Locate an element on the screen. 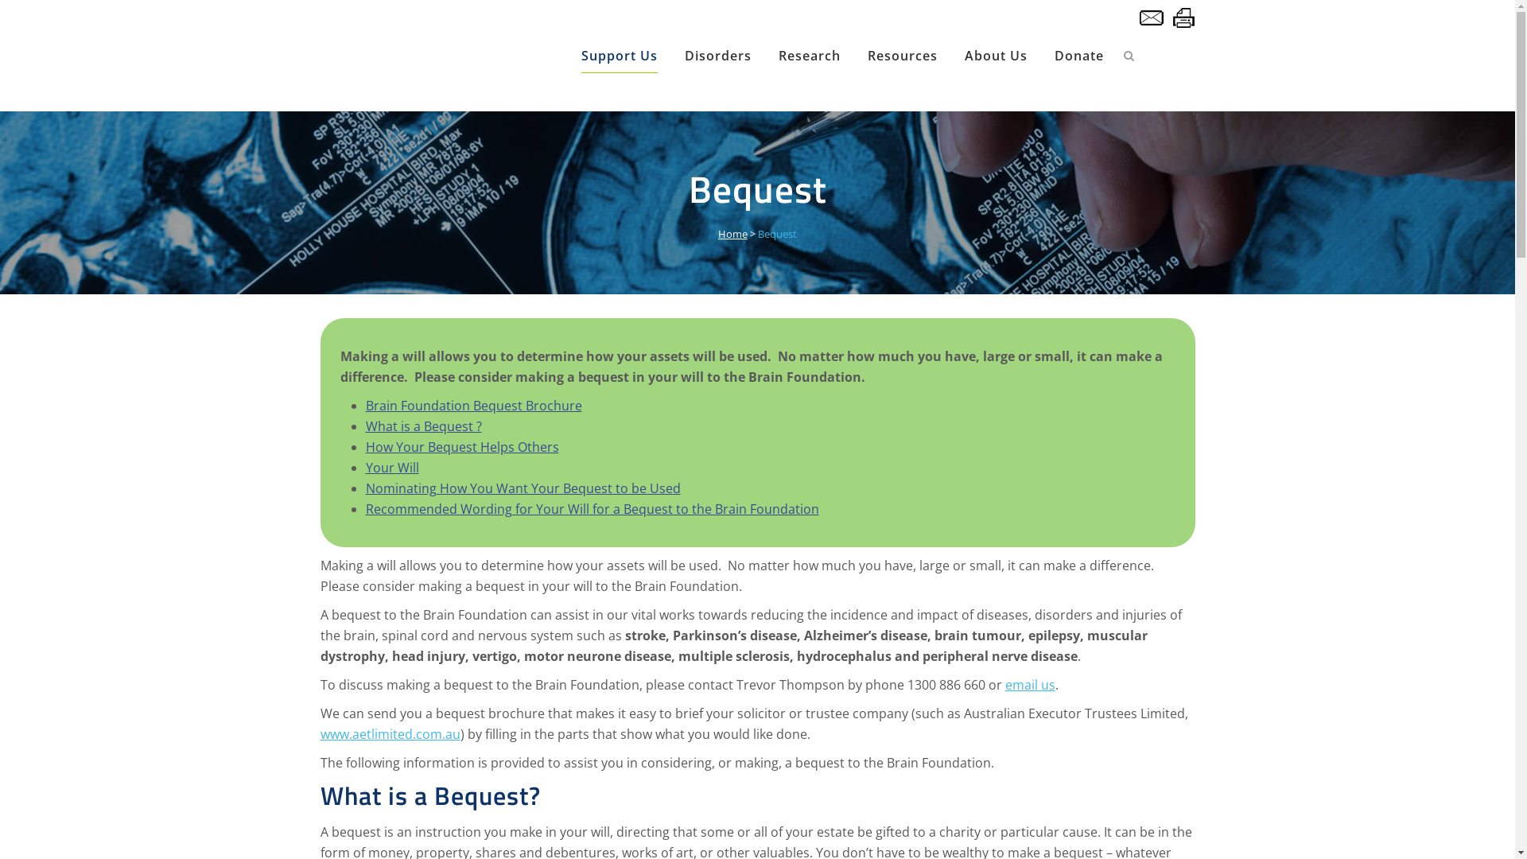 This screenshot has width=1527, height=859. 'Resources' is located at coordinates (902, 54).